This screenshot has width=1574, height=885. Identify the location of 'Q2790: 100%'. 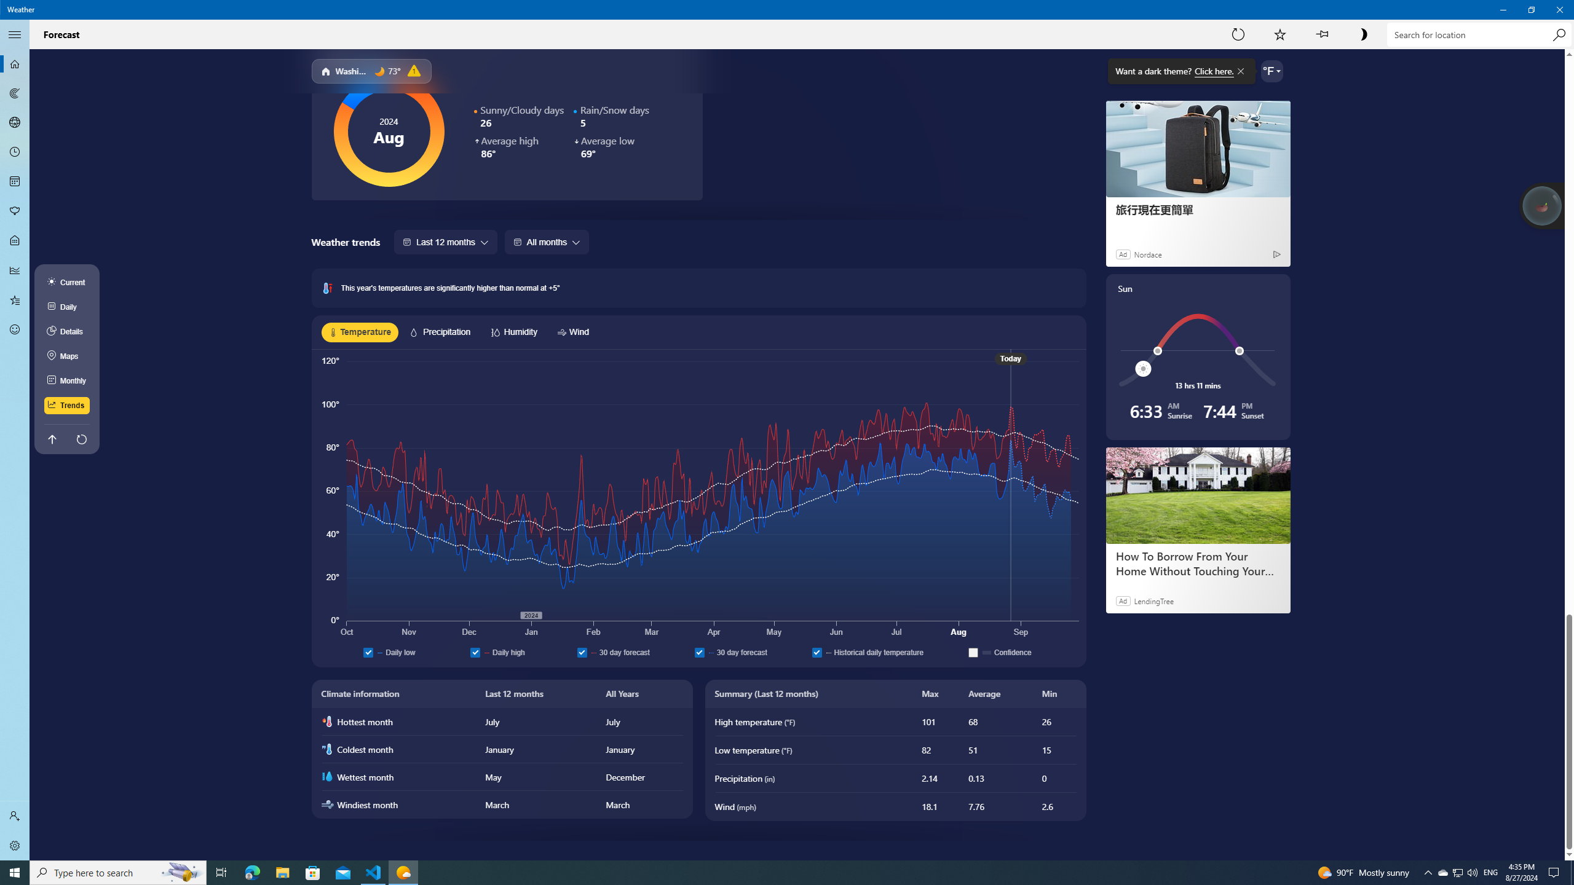
(1442, 871).